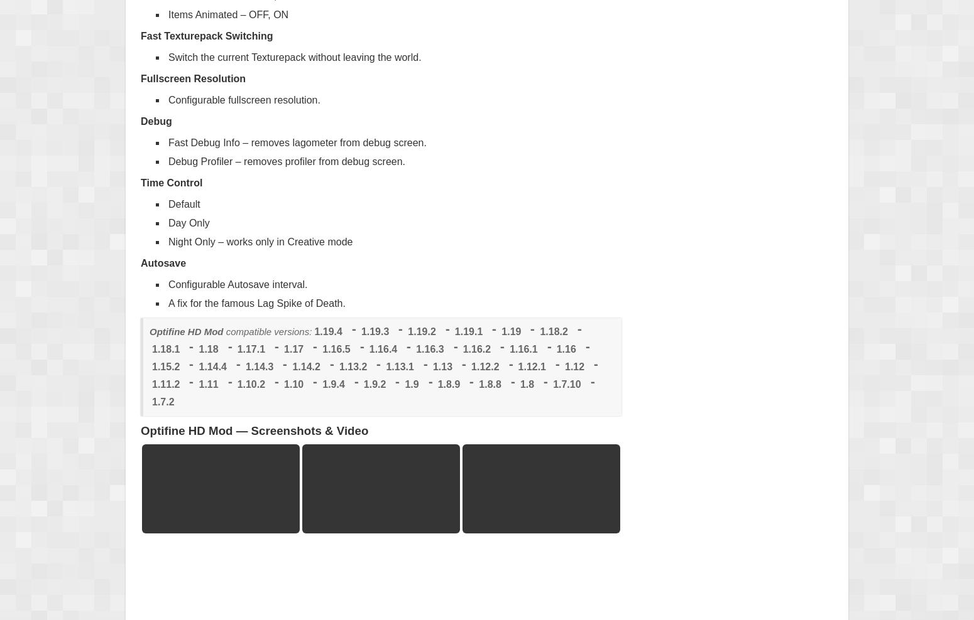 Image resolution: width=974 pixels, height=620 pixels. Describe the element at coordinates (489, 383) in the screenshot. I see `'1.8.8'` at that location.